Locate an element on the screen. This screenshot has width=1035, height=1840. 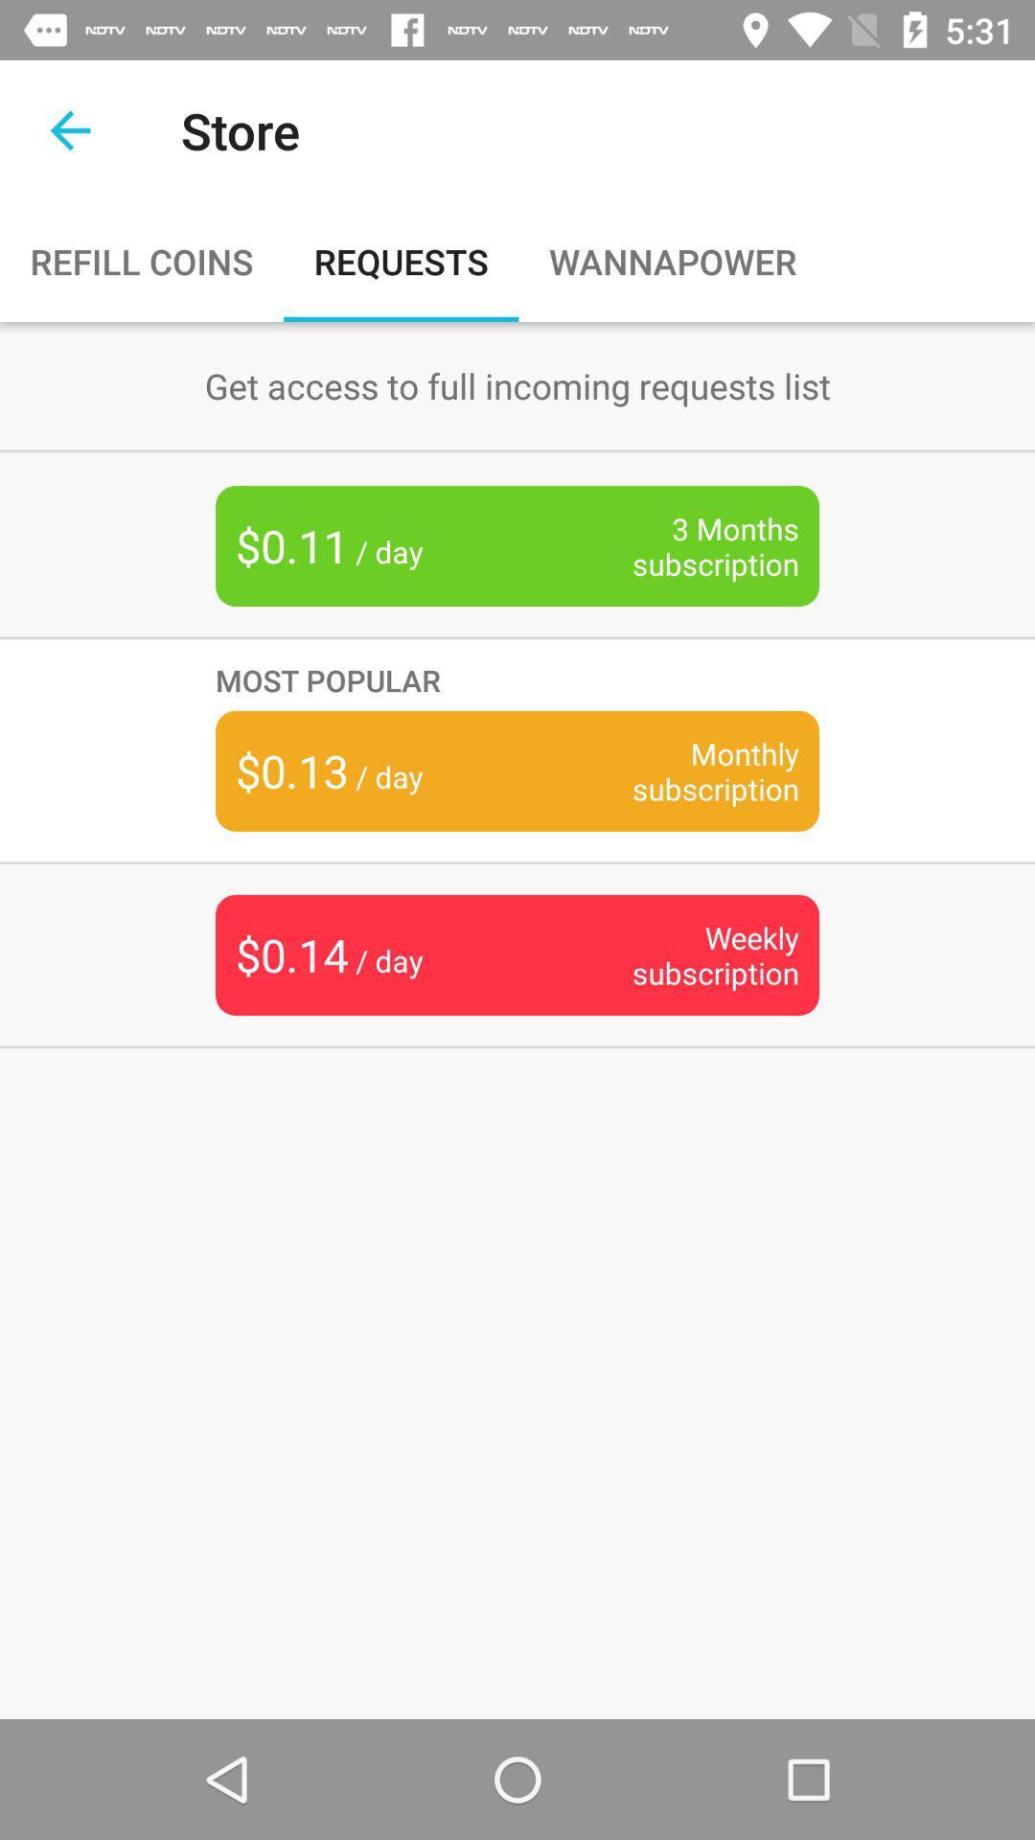
the item next to the $0.13 / day icon is located at coordinates (685, 770).